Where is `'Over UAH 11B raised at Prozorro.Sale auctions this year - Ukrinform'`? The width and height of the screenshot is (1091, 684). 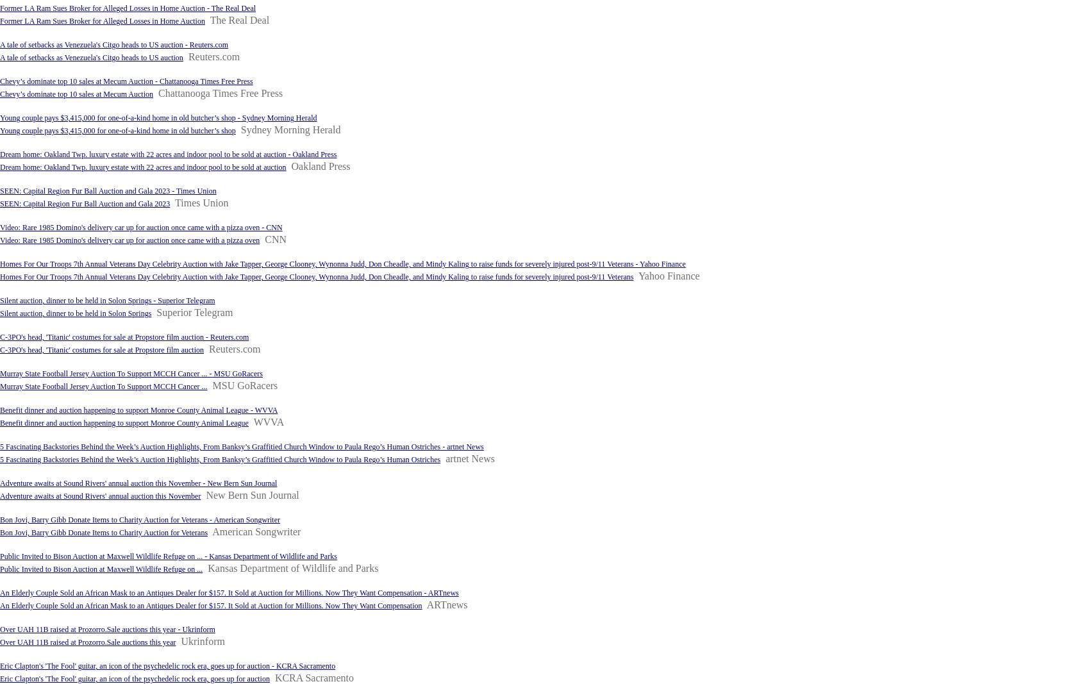
'Over UAH 11B raised at Prozorro.Sale auctions this year - Ukrinform' is located at coordinates (106, 629).